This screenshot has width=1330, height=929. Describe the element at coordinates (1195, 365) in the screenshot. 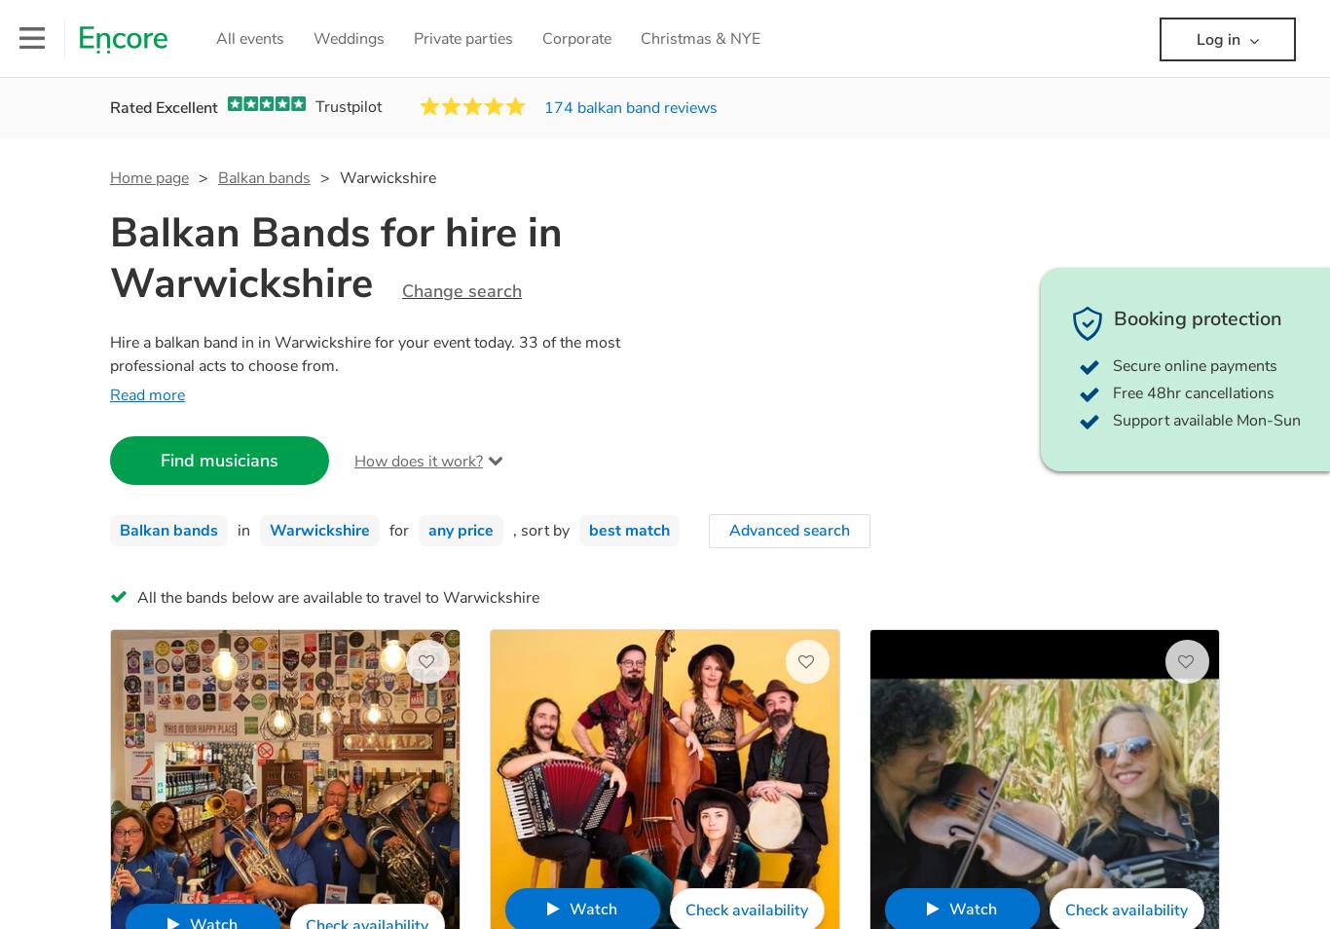

I see `'Secure online payments'` at that location.